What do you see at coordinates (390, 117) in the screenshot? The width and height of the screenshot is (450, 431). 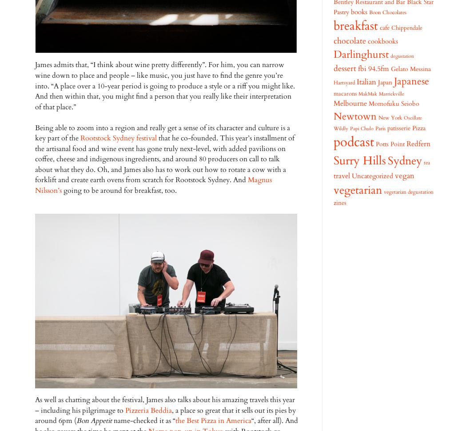 I see `'New York'` at bounding box center [390, 117].